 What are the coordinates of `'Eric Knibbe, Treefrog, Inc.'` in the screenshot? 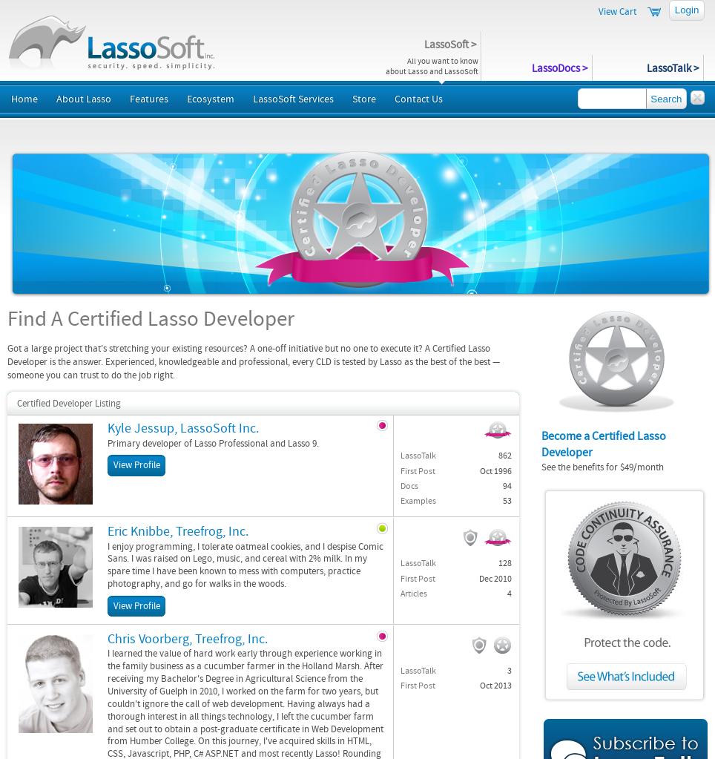 It's located at (178, 530).